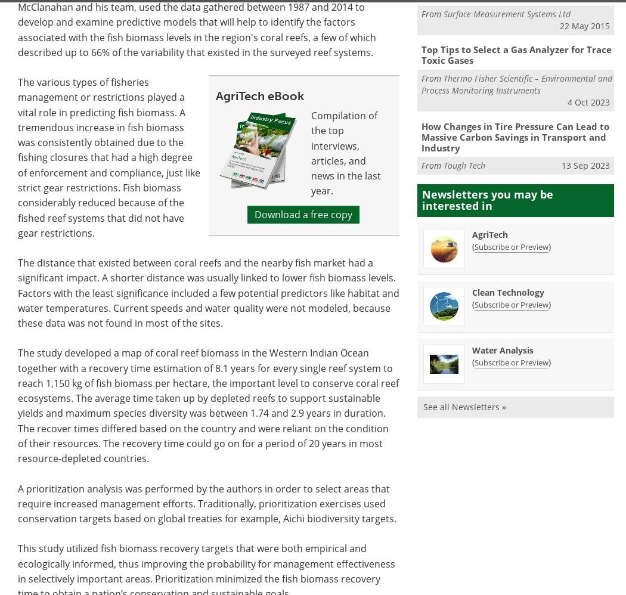 The height and width of the screenshot is (595, 626). Describe the element at coordinates (515, 54) in the screenshot. I see `'Top Tips to Select a Gas Analyzer for Trace Toxic Gases'` at that location.